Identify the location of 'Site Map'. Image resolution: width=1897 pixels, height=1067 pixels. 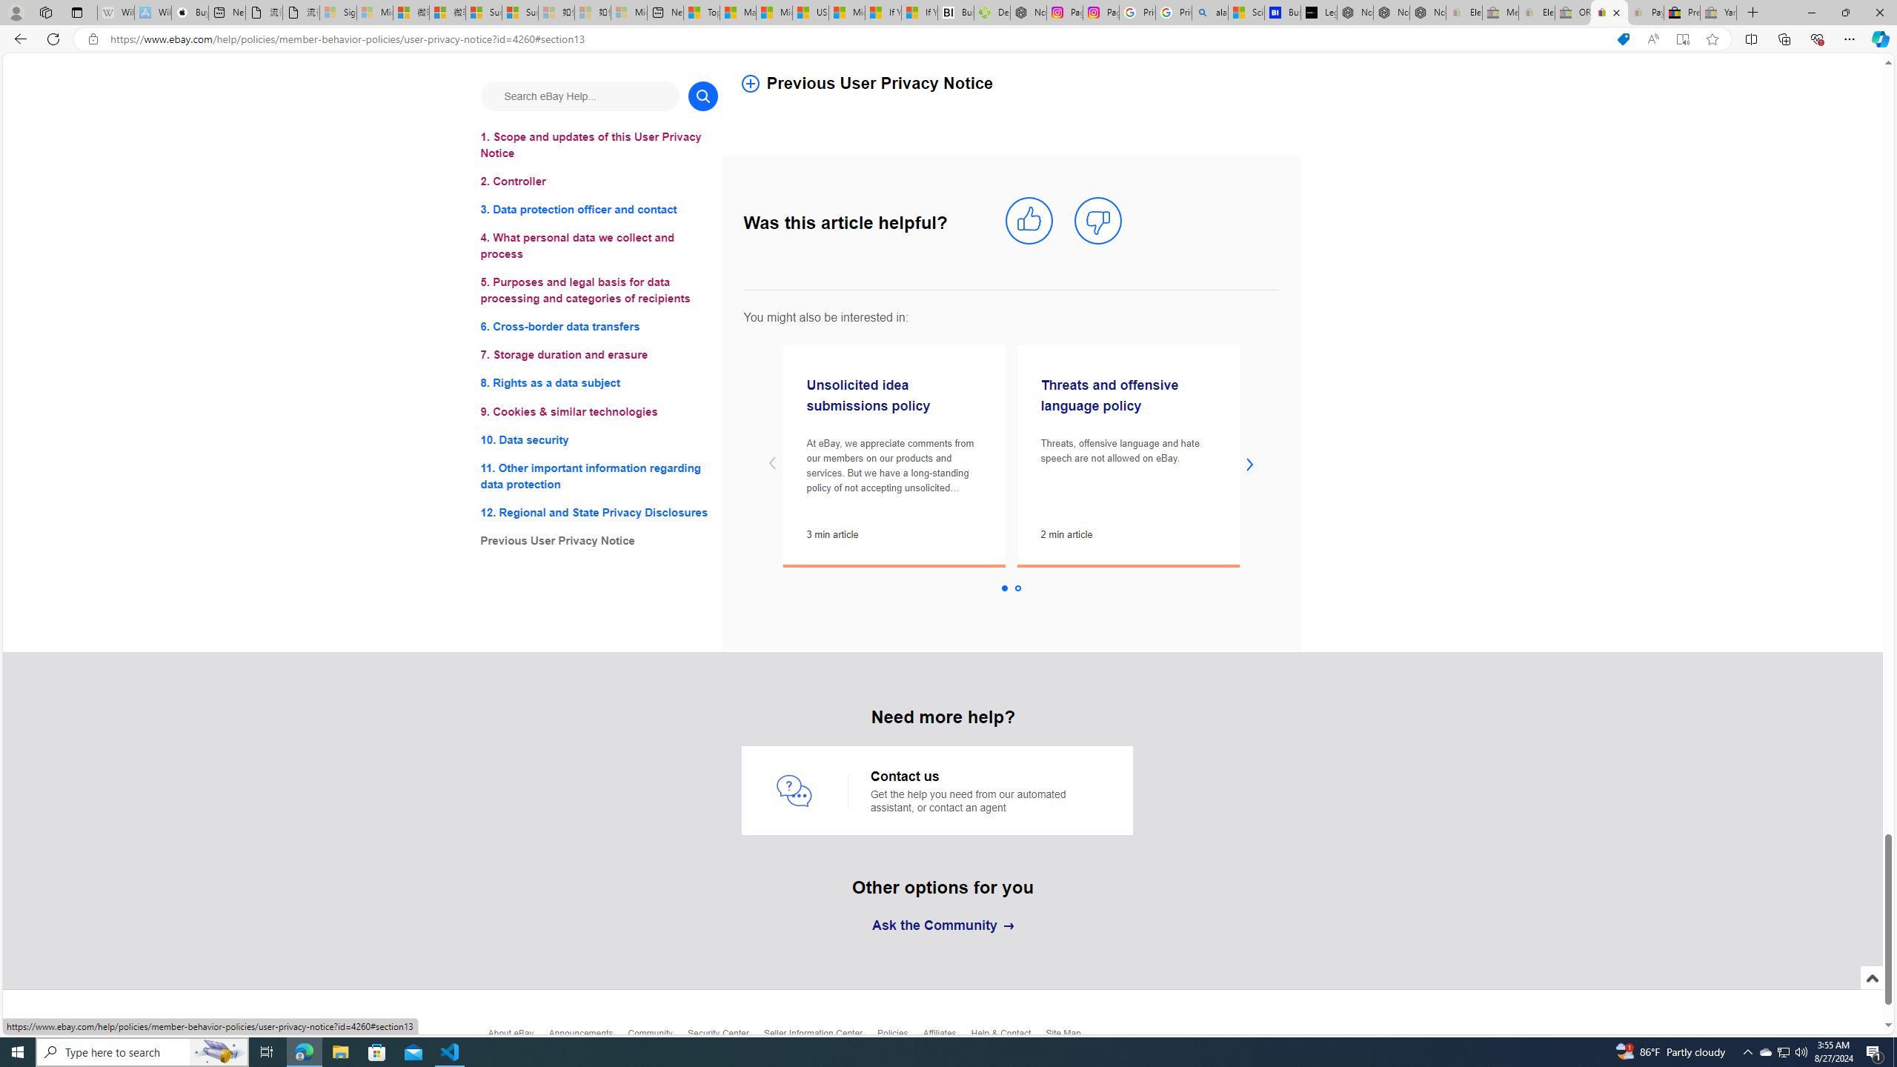
(1070, 1038).